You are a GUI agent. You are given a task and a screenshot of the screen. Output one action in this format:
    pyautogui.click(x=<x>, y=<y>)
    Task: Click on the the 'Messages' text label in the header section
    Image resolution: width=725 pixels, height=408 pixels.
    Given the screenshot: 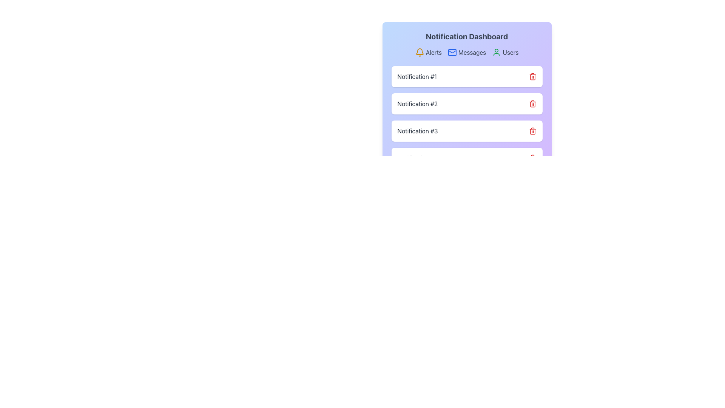 What is the action you would take?
    pyautogui.click(x=472, y=52)
    